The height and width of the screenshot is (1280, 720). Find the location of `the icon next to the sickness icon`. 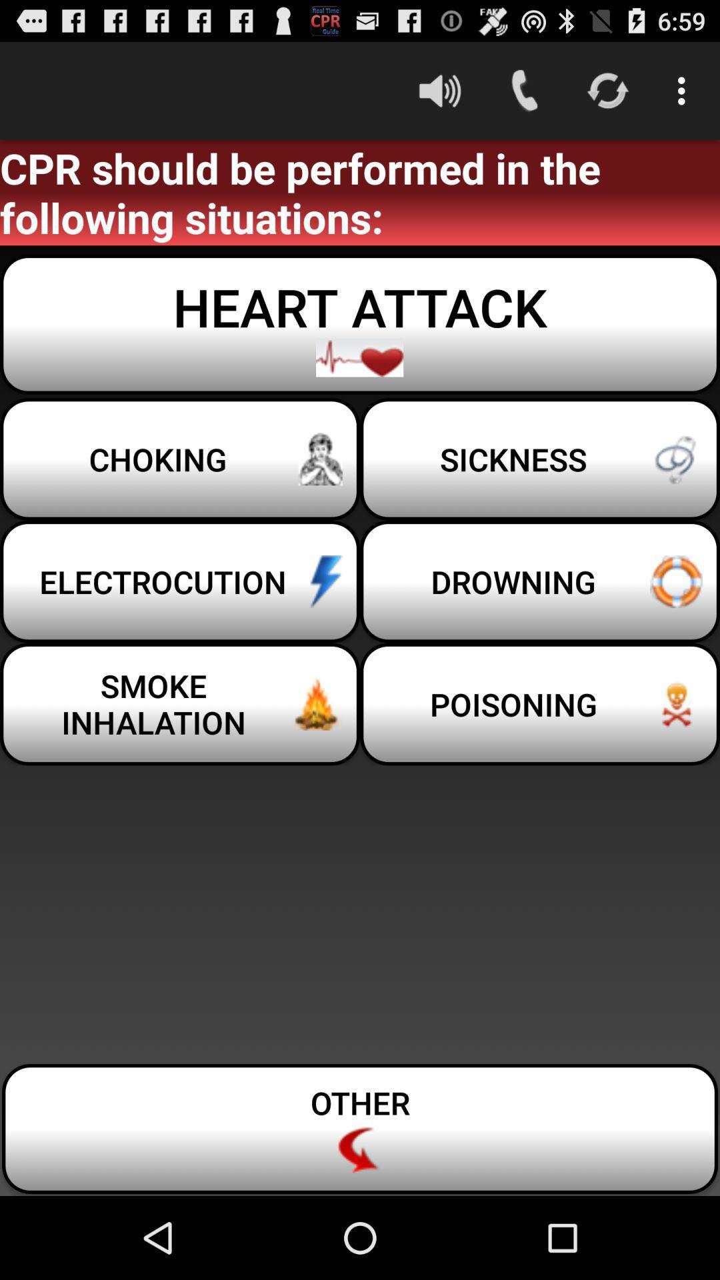

the icon next to the sickness icon is located at coordinates (180, 459).